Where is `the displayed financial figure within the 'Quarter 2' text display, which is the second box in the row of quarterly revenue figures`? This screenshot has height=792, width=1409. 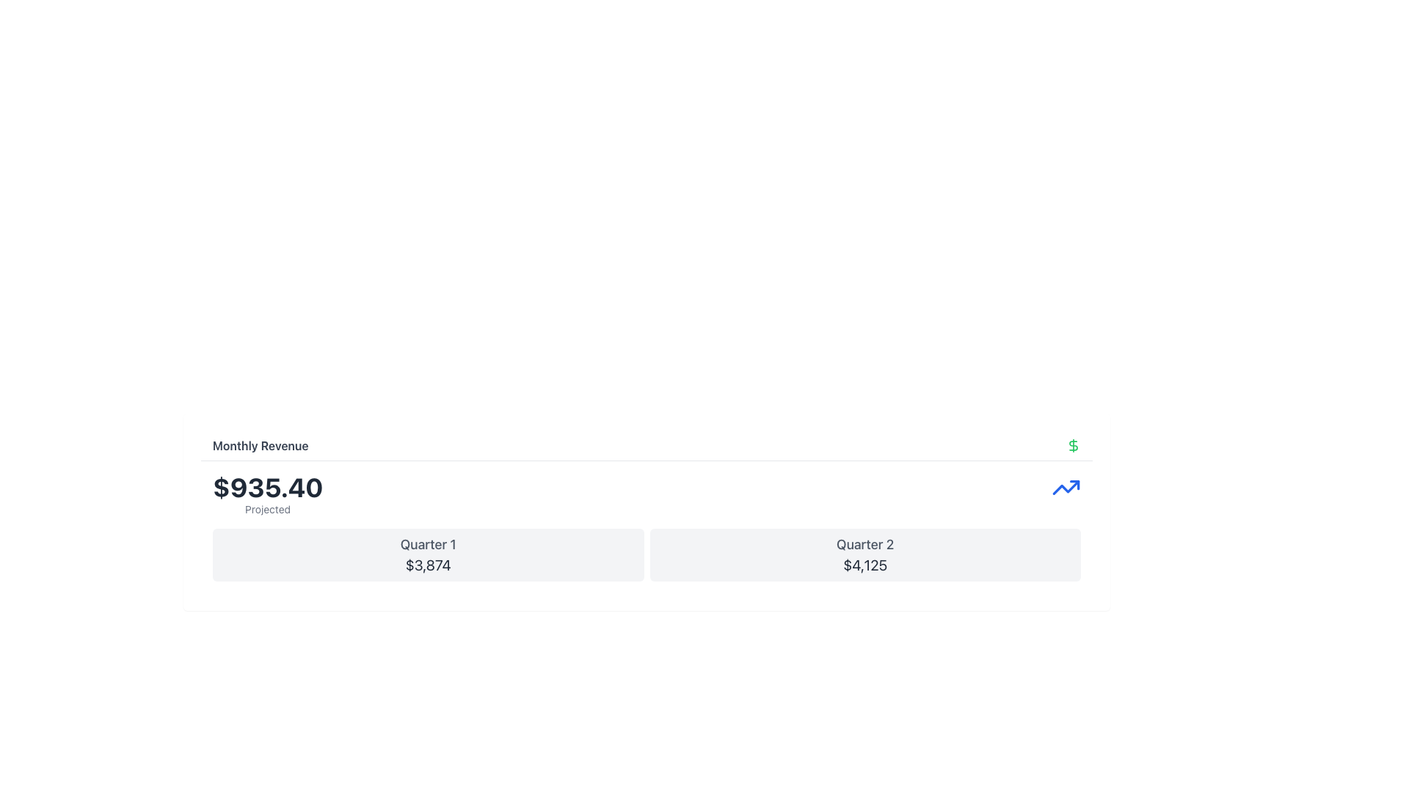 the displayed financial figure within the 'Quarter 2' text display, which is the second box in the row of quarterly revenue figures is located at coordinates (865, 565).